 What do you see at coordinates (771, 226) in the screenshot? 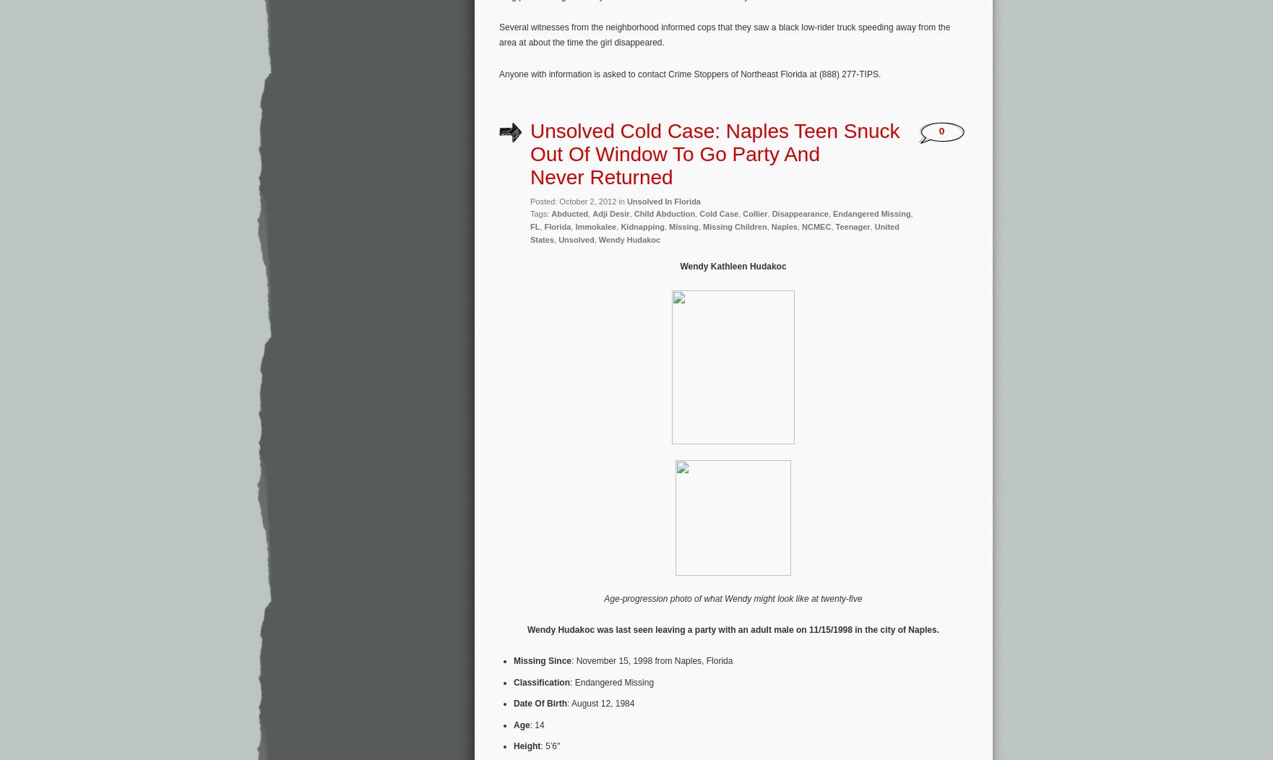
I see `'Naples'` at bounding box center [771, 226].